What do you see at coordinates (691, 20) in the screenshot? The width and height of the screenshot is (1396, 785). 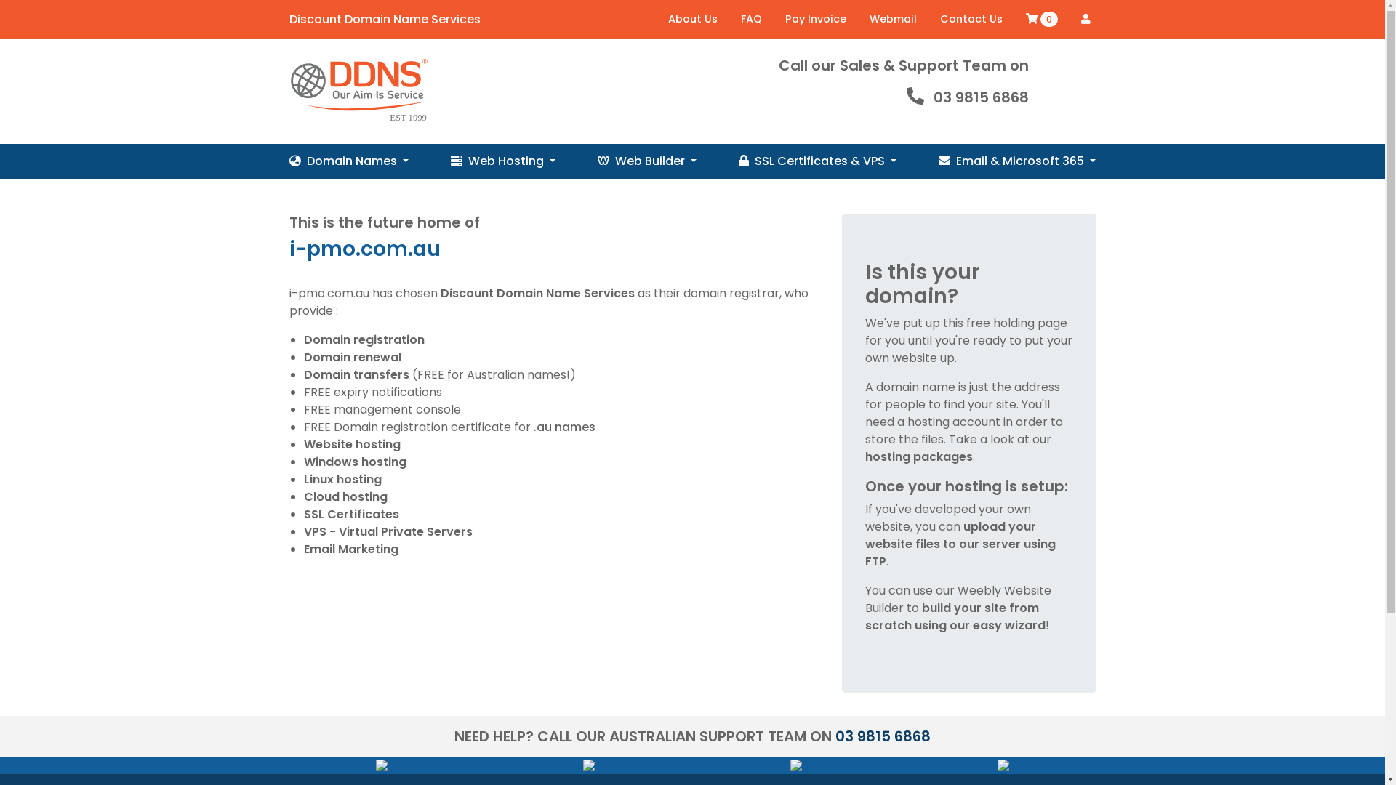 I see `'About Us'` at bounding box center [691, 20].